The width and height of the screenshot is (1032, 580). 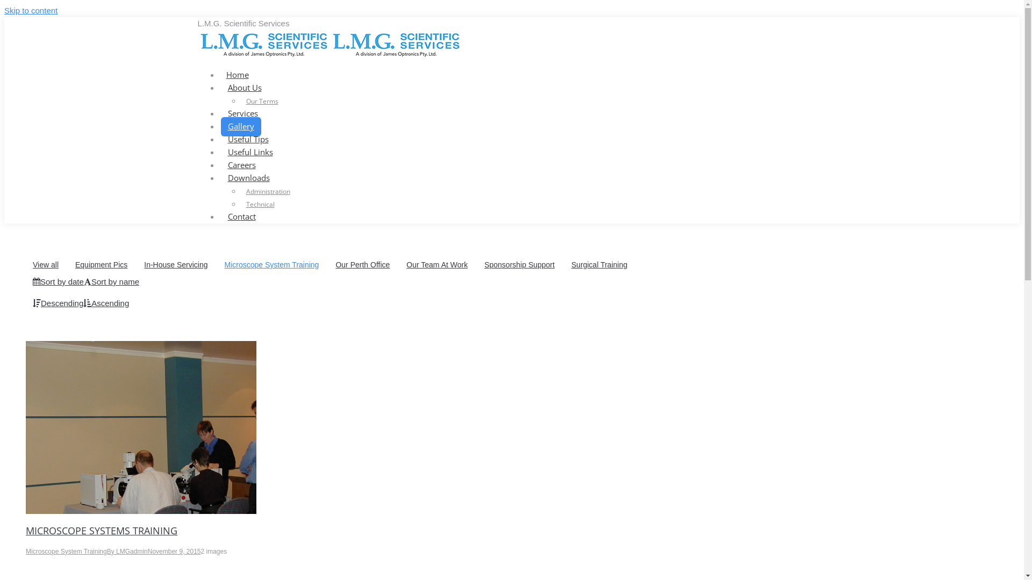 I want to click on 'Our Team At Work', so click(x=436, y=265).